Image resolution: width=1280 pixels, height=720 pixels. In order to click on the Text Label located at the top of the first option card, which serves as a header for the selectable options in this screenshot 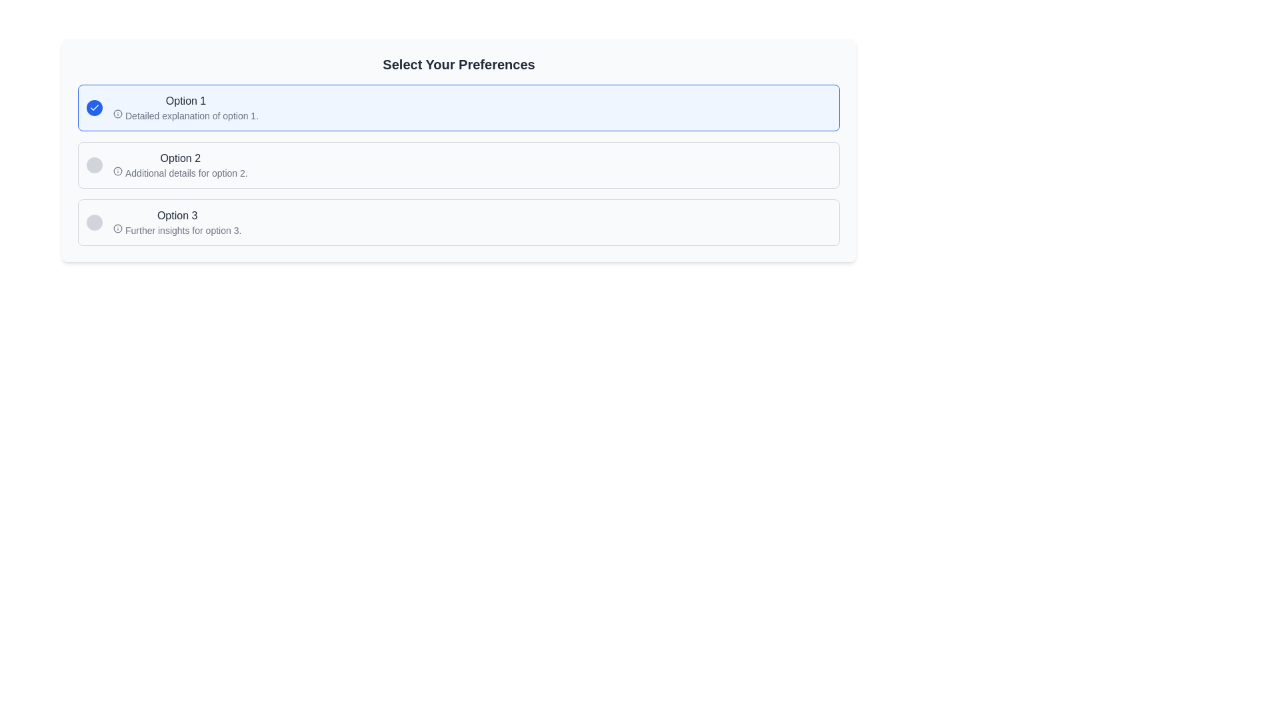, I will do `click(185, 100)`.